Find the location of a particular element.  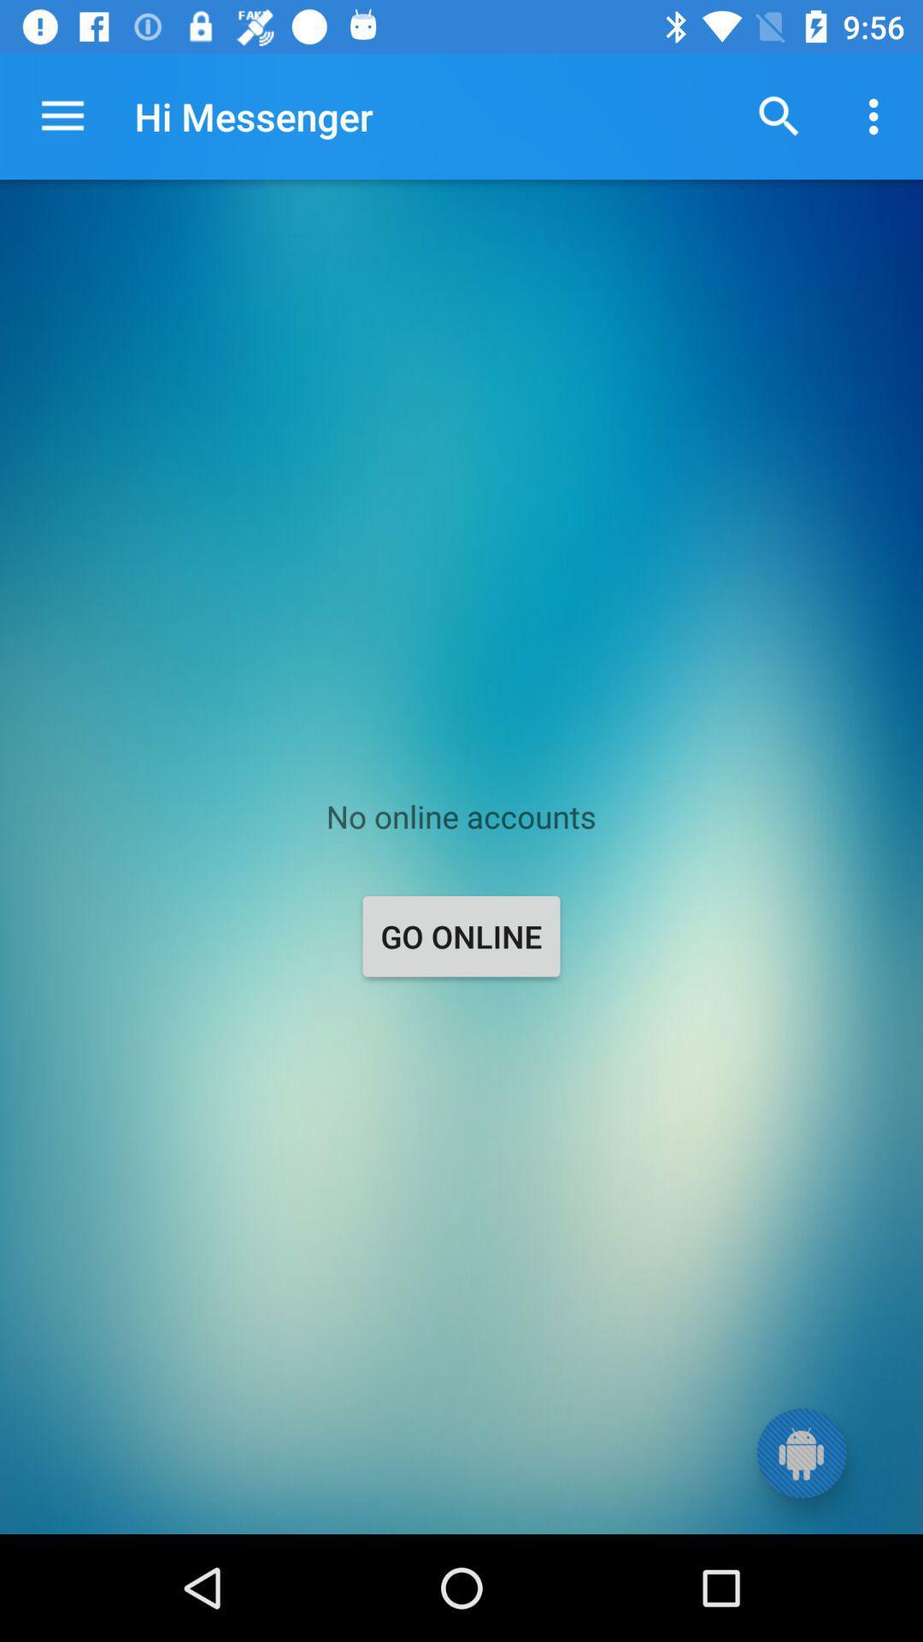

icon below the no online accounts icon is located at coordinates (461, 935).